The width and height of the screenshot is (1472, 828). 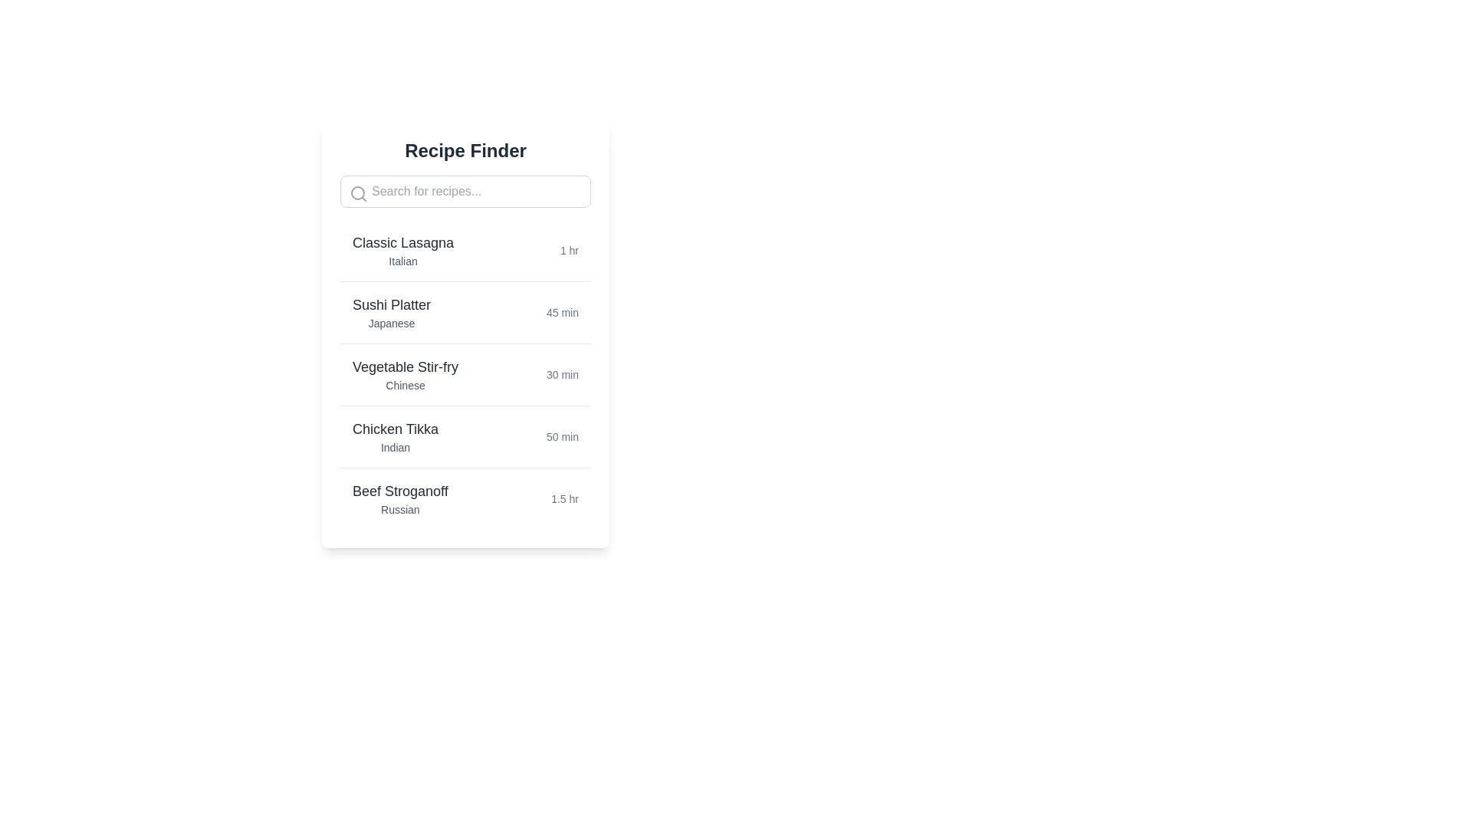 I want to click on the text label that provides additional information about the type of cuisine for 'Beef Stroganoff', which indicates it is Russian, located beneath the main entry text, so click(x=400, y=509).